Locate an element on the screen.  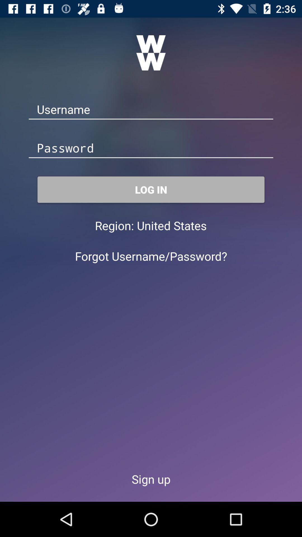
the icon above forgot username/password? is located at coordinates (171, 225).